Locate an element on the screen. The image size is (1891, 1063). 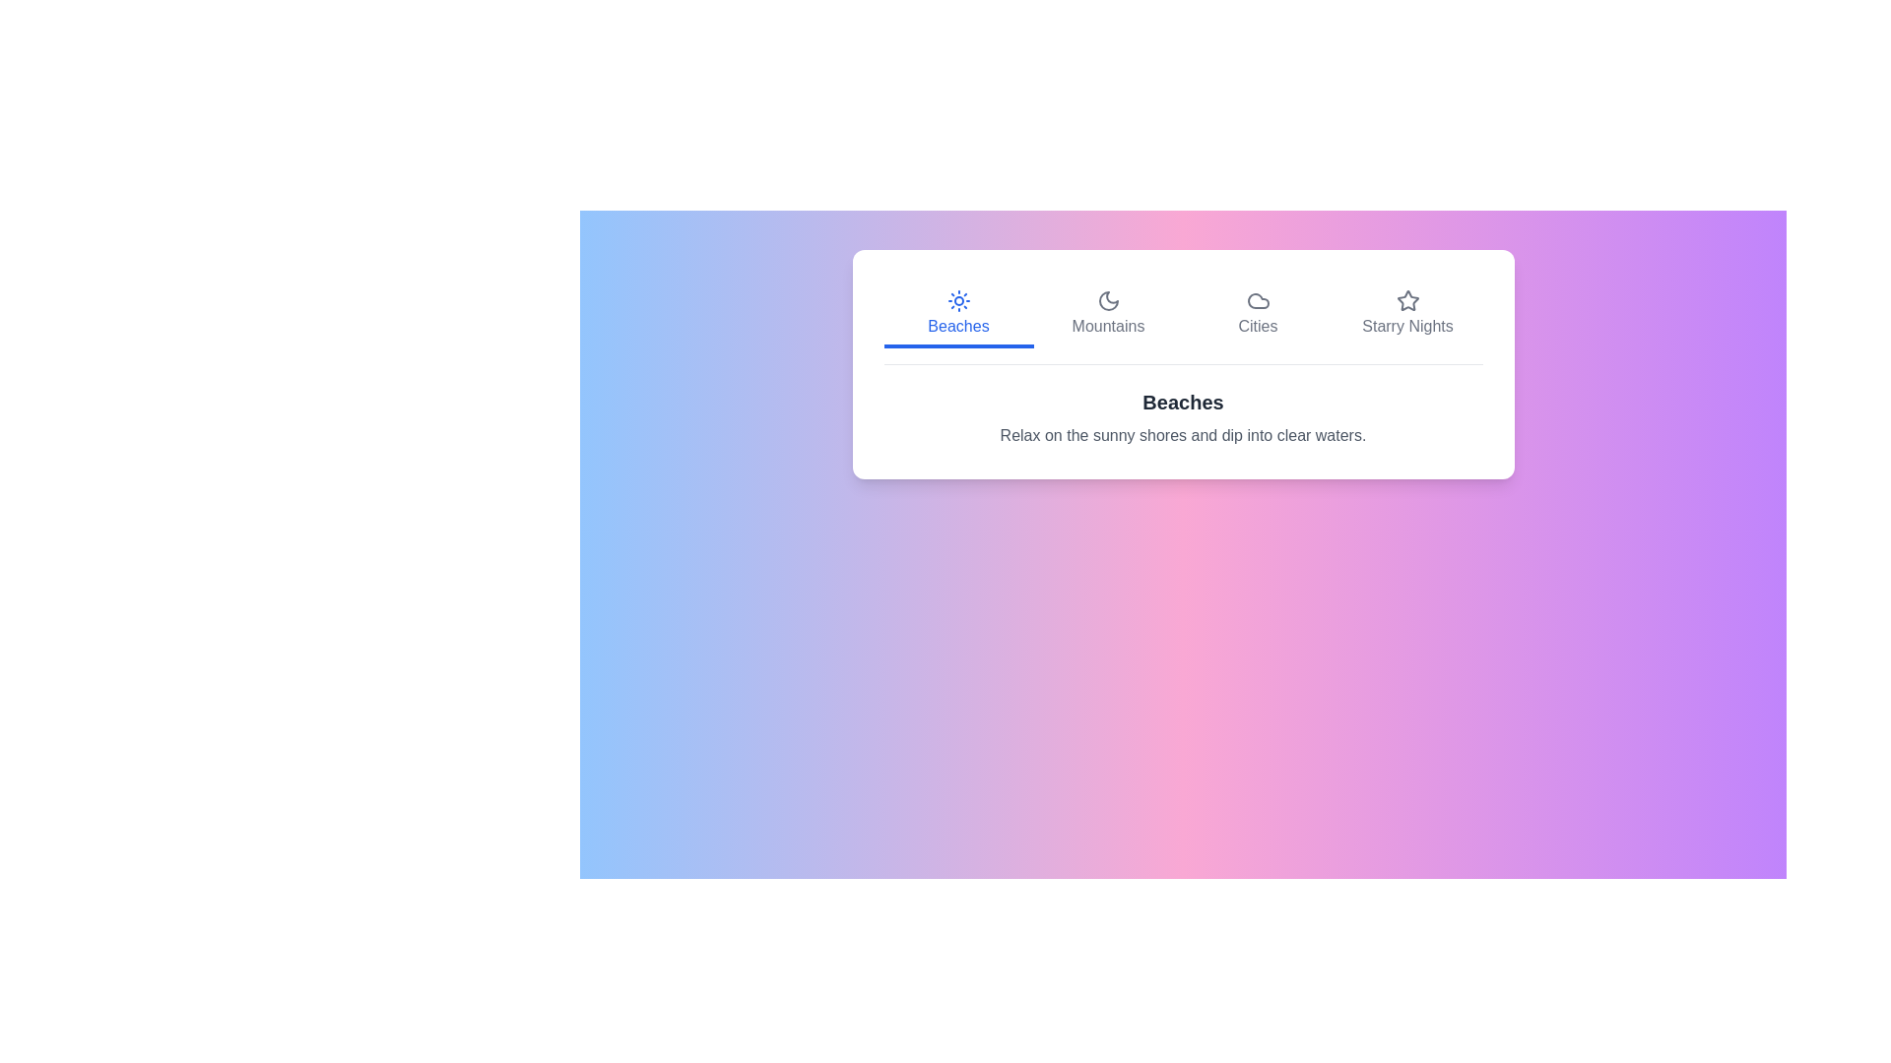
the category Mountains by clicking its button is located at coordinates (1108, 314).